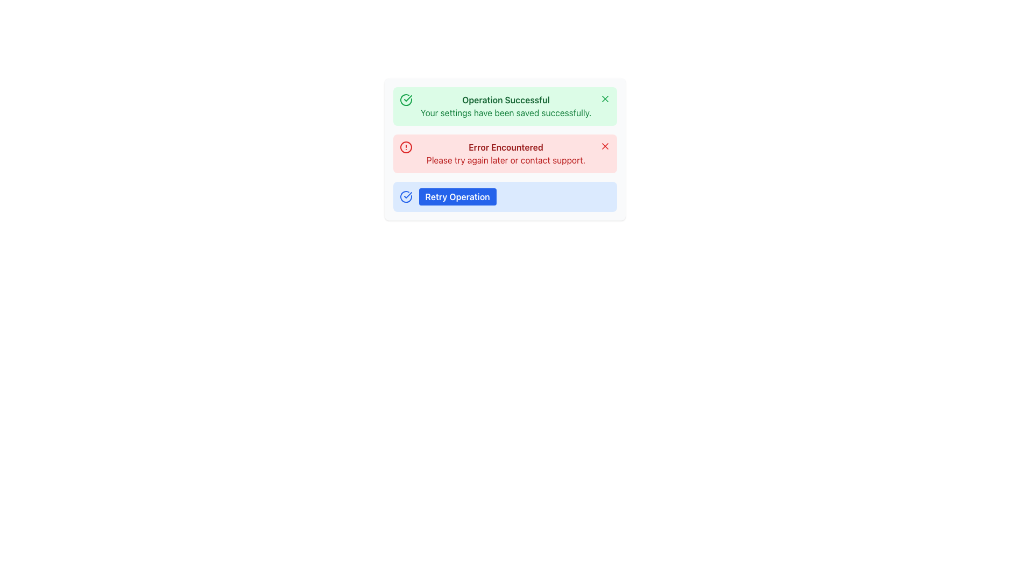 This screenshot has width=1033, height=581. What do you see at coordinates (405, 197) in the screenshot?
I see `the blue circular icon with a checkmark located to the left of the 'Retry Operation' button at the bottom of the status messages panel` at bounding box center [405, 197].